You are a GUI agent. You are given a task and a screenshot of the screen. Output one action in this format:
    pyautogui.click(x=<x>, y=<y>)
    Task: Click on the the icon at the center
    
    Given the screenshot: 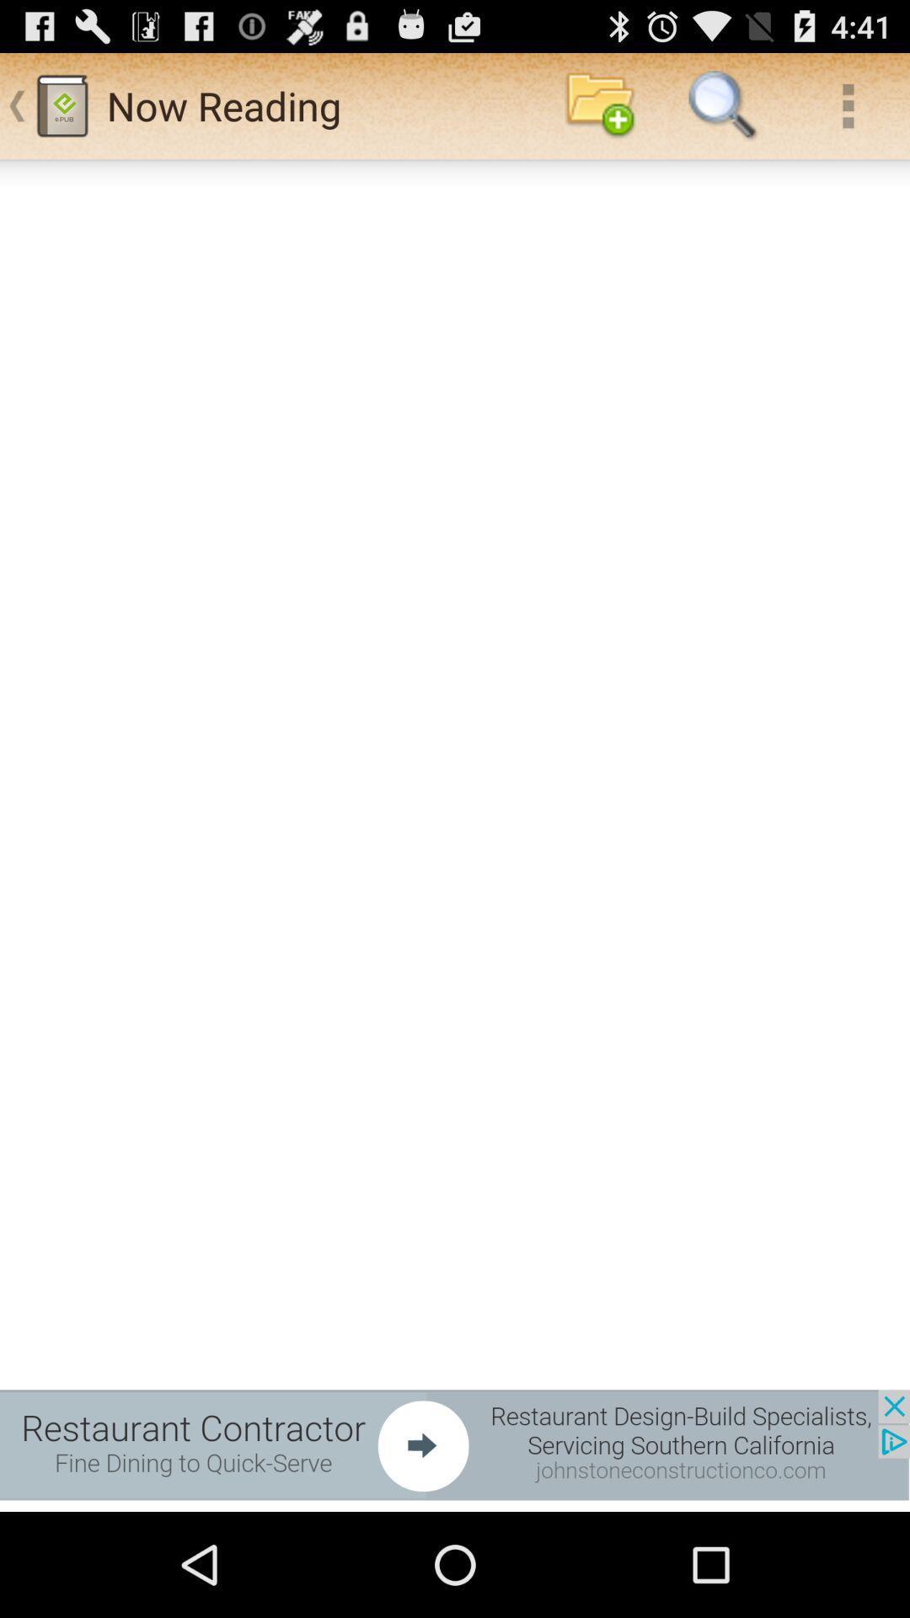 What is the action you would take?
    pyautogui.click(x=455, y=835)
    